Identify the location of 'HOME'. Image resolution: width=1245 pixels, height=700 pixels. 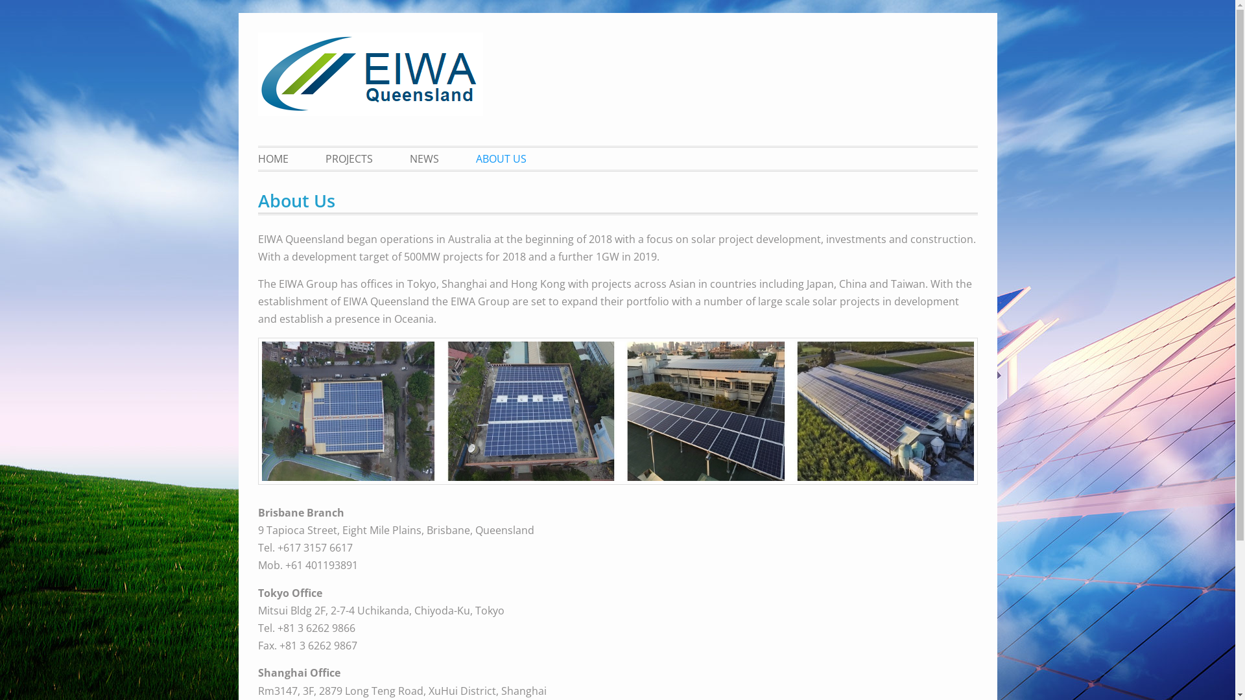
(280, 158).